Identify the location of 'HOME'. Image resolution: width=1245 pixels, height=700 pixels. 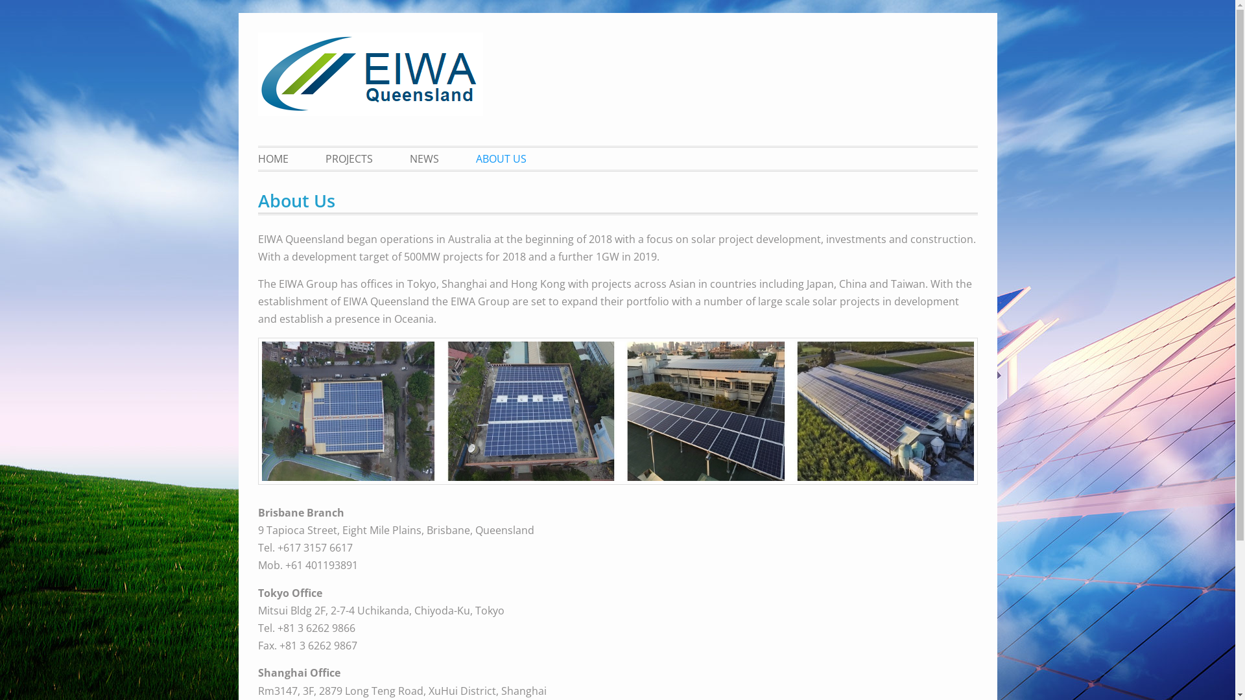
(280, 158).